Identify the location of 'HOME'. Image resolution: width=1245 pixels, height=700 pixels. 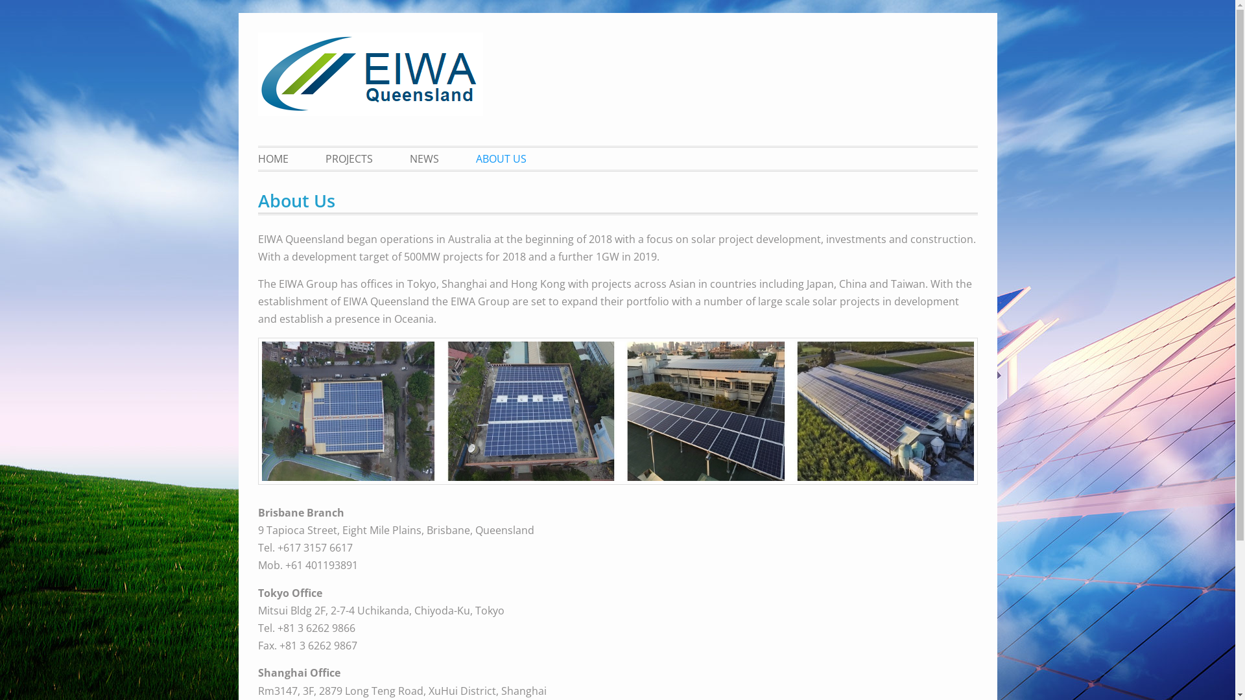
(280, 158).